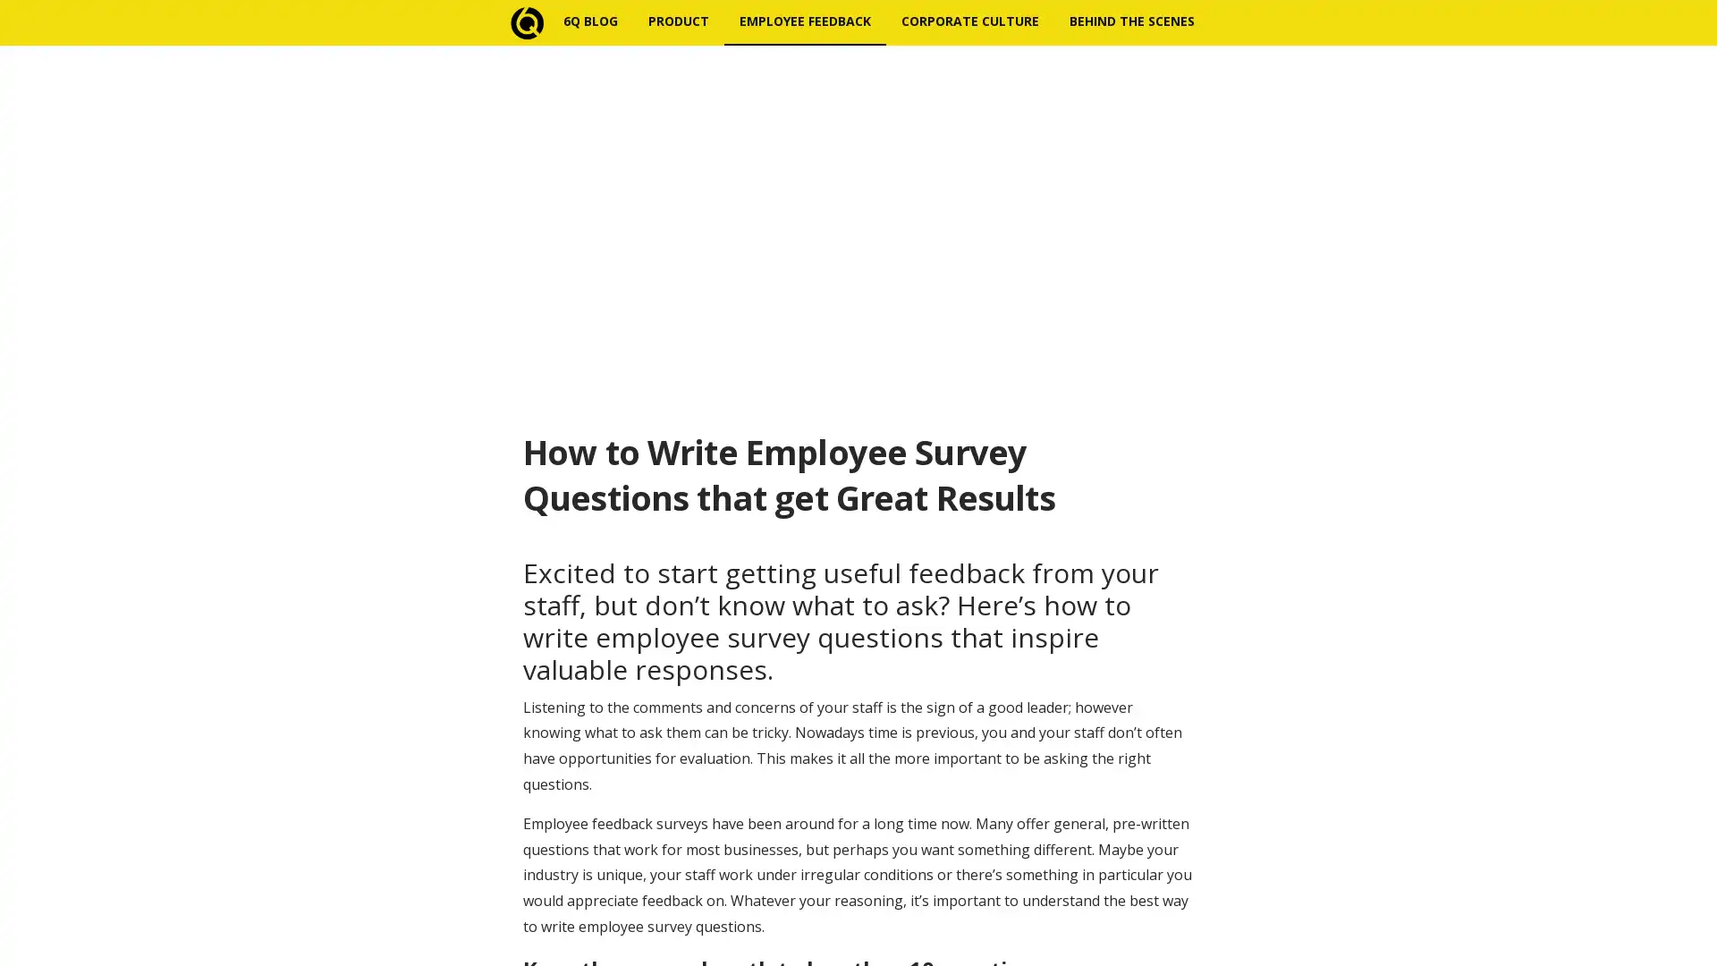 The height and width of the screenshot is (966, 1717). What do you see at coordinates (1055, 940) in the screenshot?
I see `Subscribe` at bounding box center [1055, 940].